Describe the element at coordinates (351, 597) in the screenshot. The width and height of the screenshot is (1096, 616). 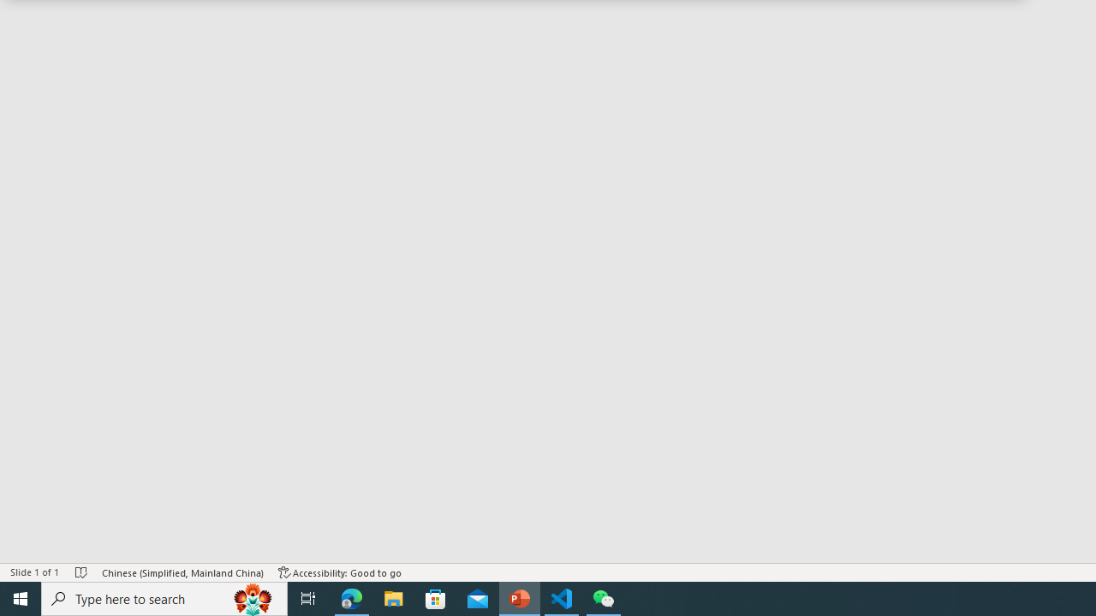
I see `'Microsoft Edge - 1 running window'` at that location.